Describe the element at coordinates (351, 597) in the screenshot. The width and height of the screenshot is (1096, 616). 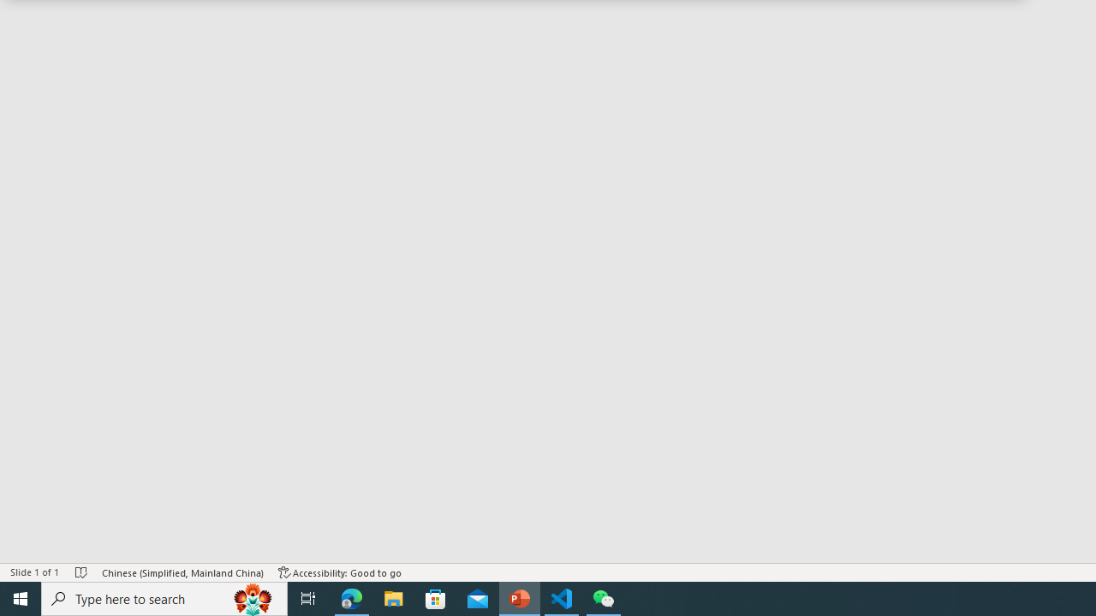
I see `'Microsoft Edge - 1 running window'` at that location.